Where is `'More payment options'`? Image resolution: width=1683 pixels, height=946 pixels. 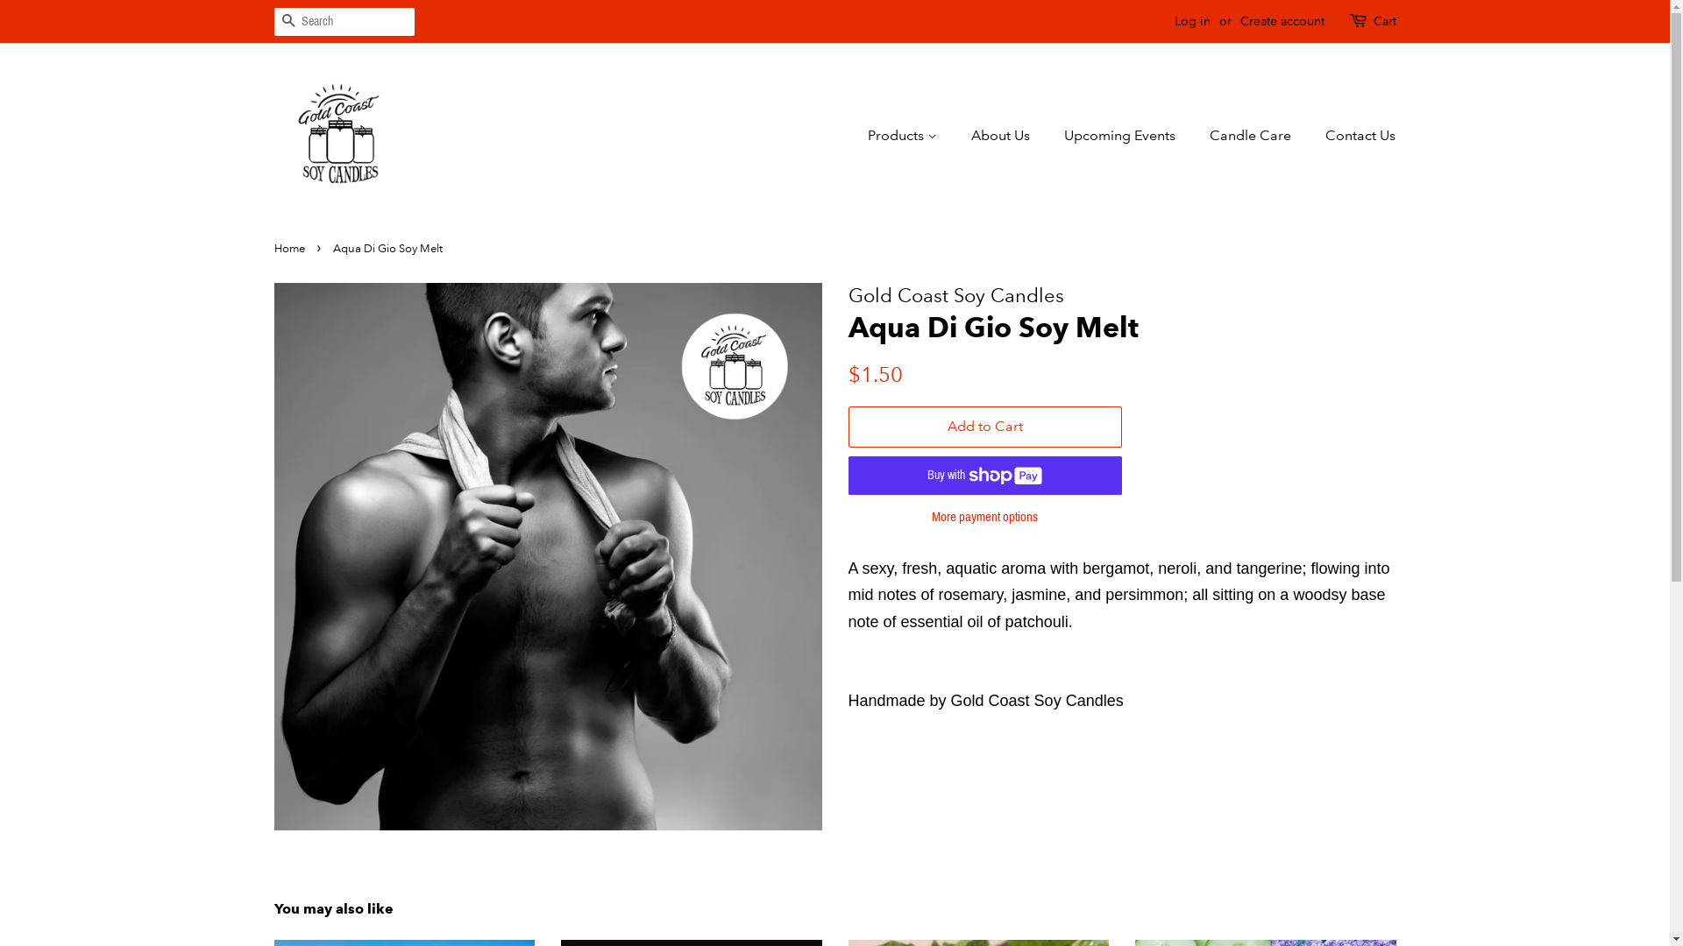
'More payment options' is located at coordinates (985, 514).